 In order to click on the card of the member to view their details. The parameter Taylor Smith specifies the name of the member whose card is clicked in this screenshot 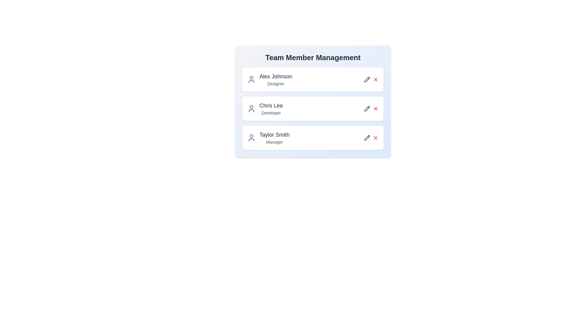, I will do `click(313, 138)`.